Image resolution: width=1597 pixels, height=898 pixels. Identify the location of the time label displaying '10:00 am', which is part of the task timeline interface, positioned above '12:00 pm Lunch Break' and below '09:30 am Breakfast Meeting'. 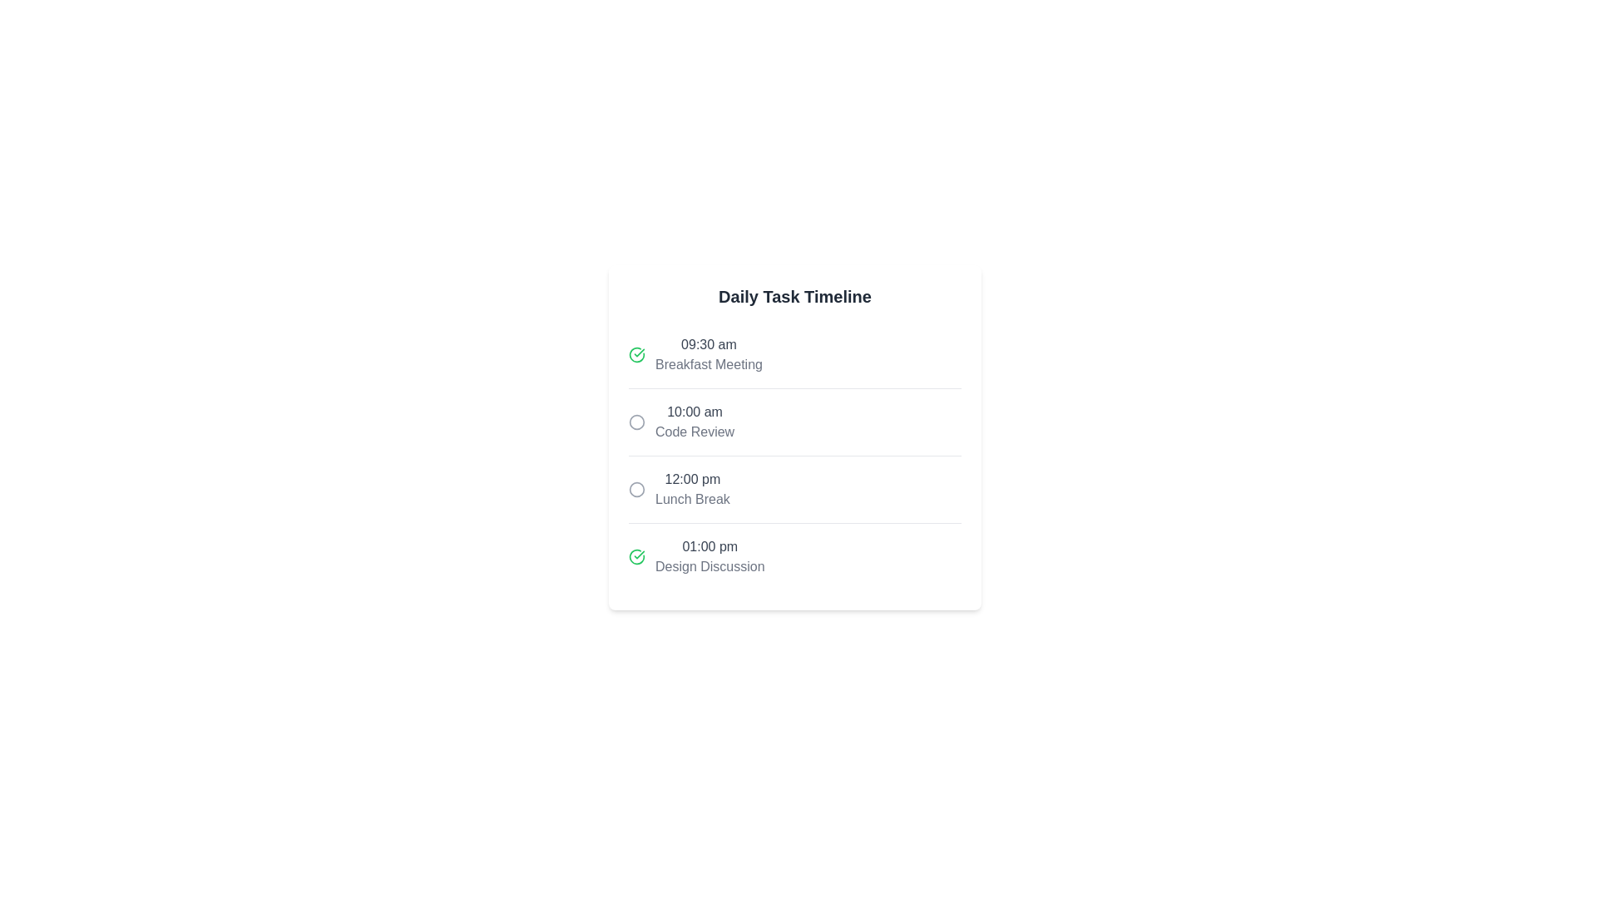
(695, 412).